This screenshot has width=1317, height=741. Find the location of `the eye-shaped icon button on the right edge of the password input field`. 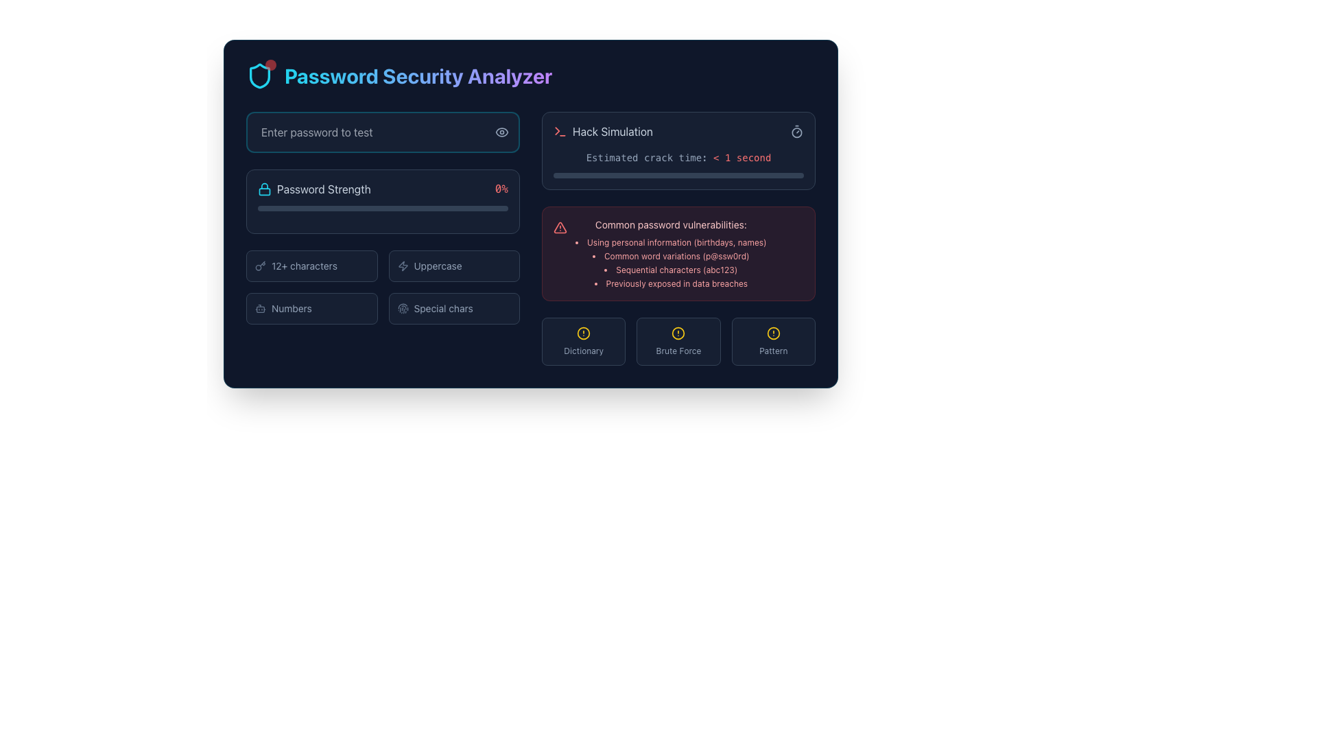

the eye-shaped icon button on the right edge of the password input field is located at coordinates (501, 132).